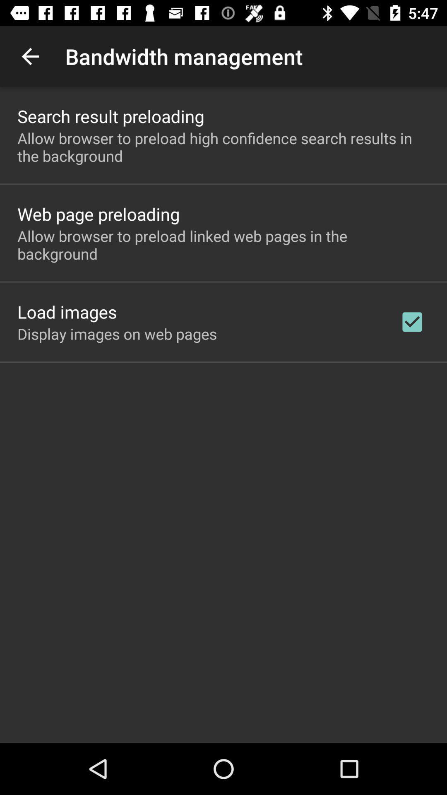  What do you see at coordinates (412, 321) in the screenshot?
I see `item on the right` at bounding box center [412, 321].